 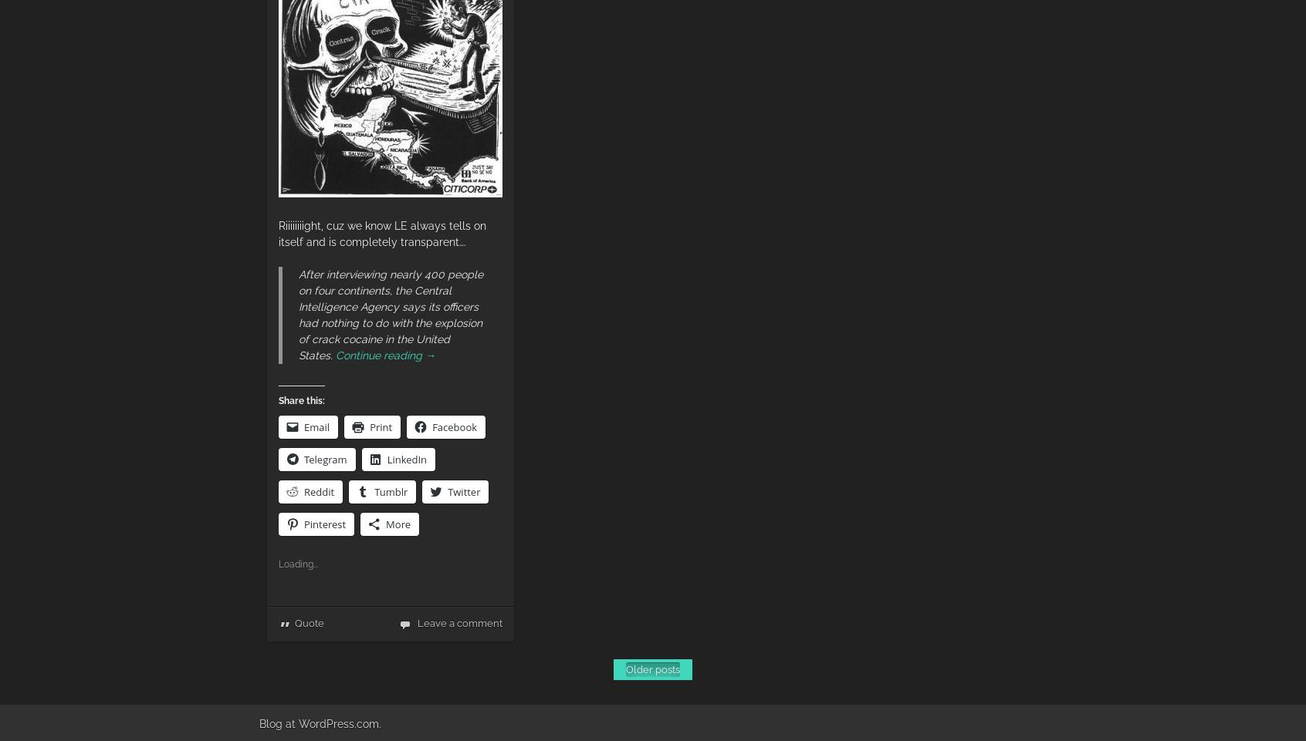 I want to click on 'Twitter', so click(x=447, y=491).